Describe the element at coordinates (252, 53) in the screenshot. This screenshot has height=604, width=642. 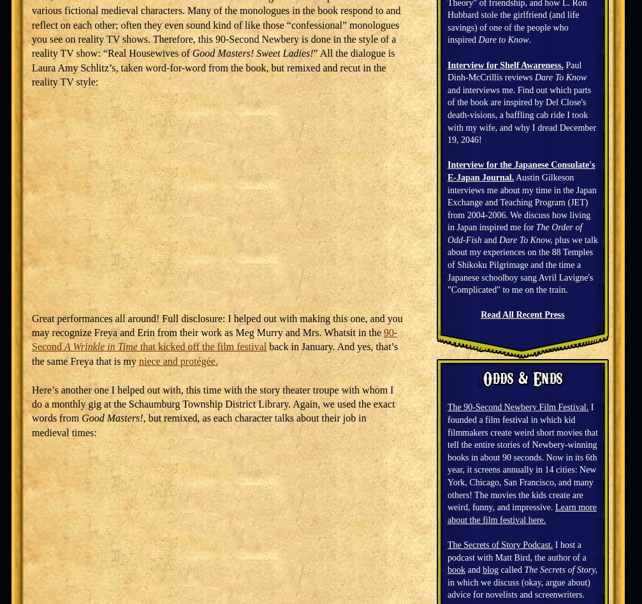
I see `'Good Masters! Sweet Ladies!'` at that location.